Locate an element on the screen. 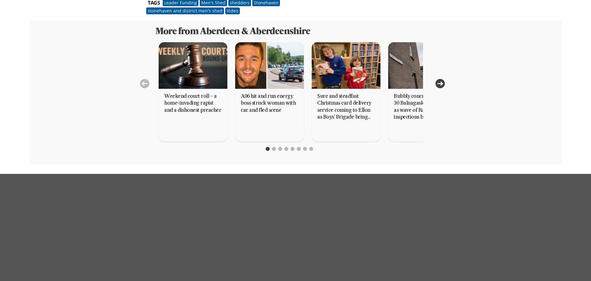  'Video' is located at coordinates (226, 10).